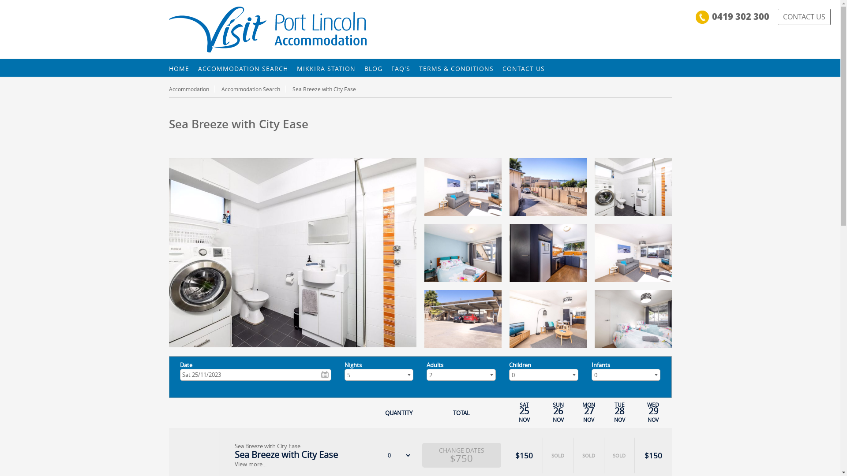 This screenshot has width=847, height=476. What do you see at coordinates (421, 455) in the screenshot?
I see `'CHANGE DATES` at bounding box center [421, 455].